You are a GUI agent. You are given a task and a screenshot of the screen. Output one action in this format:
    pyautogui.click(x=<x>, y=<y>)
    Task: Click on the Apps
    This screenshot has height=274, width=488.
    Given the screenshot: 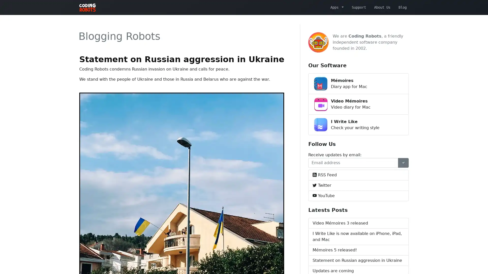 What is the action you would take?
    pyautogui.click(x=337, y=7)
    